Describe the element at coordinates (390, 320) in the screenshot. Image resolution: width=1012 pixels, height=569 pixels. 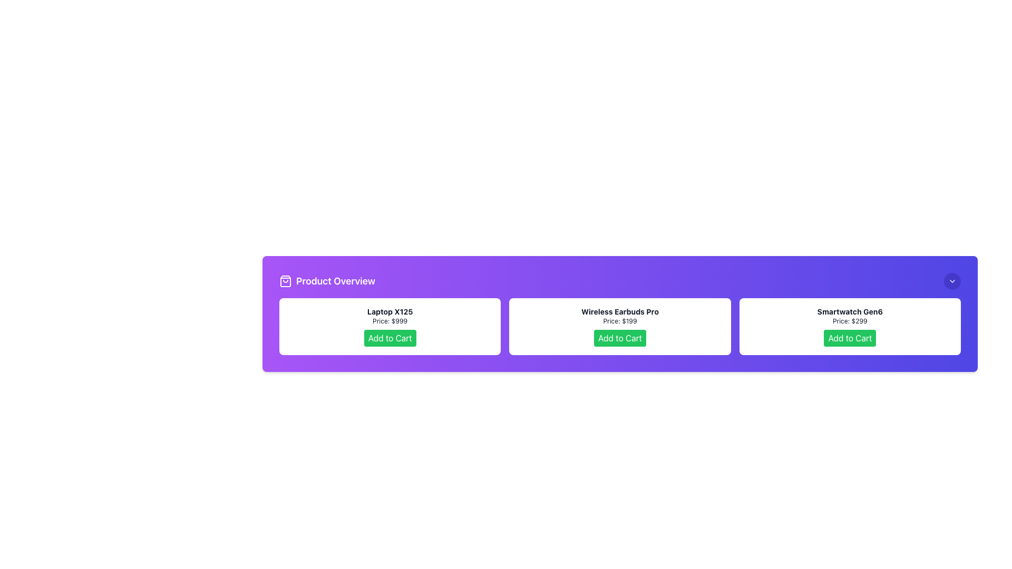
I see `the static text label displaying the price ('$999'), which is centrally located below the title 'Laptop X125' and above the 'Add to Cart' button` at that location.